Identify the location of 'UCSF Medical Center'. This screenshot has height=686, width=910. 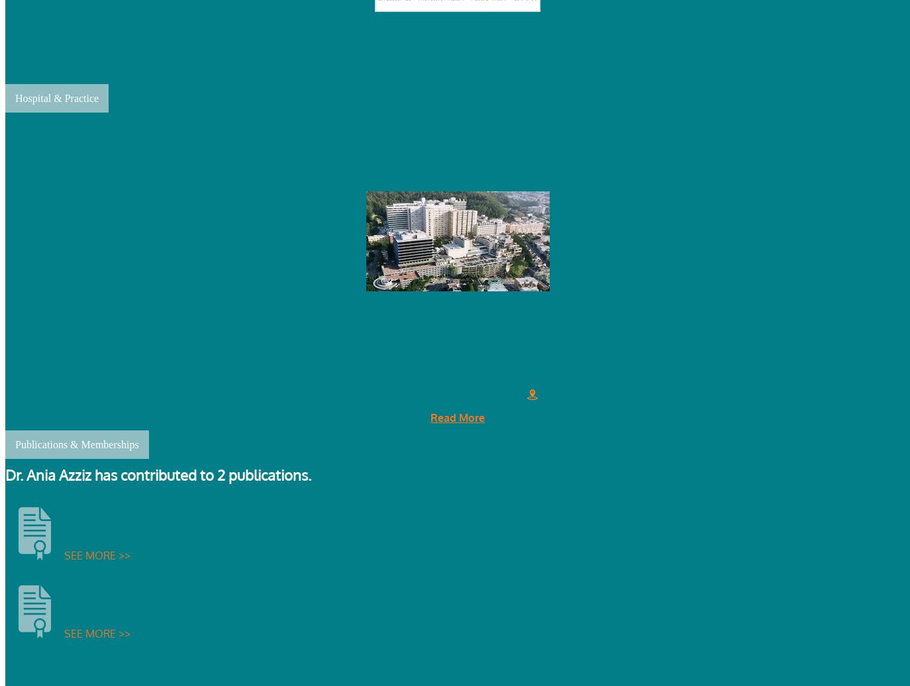
(456, 156).